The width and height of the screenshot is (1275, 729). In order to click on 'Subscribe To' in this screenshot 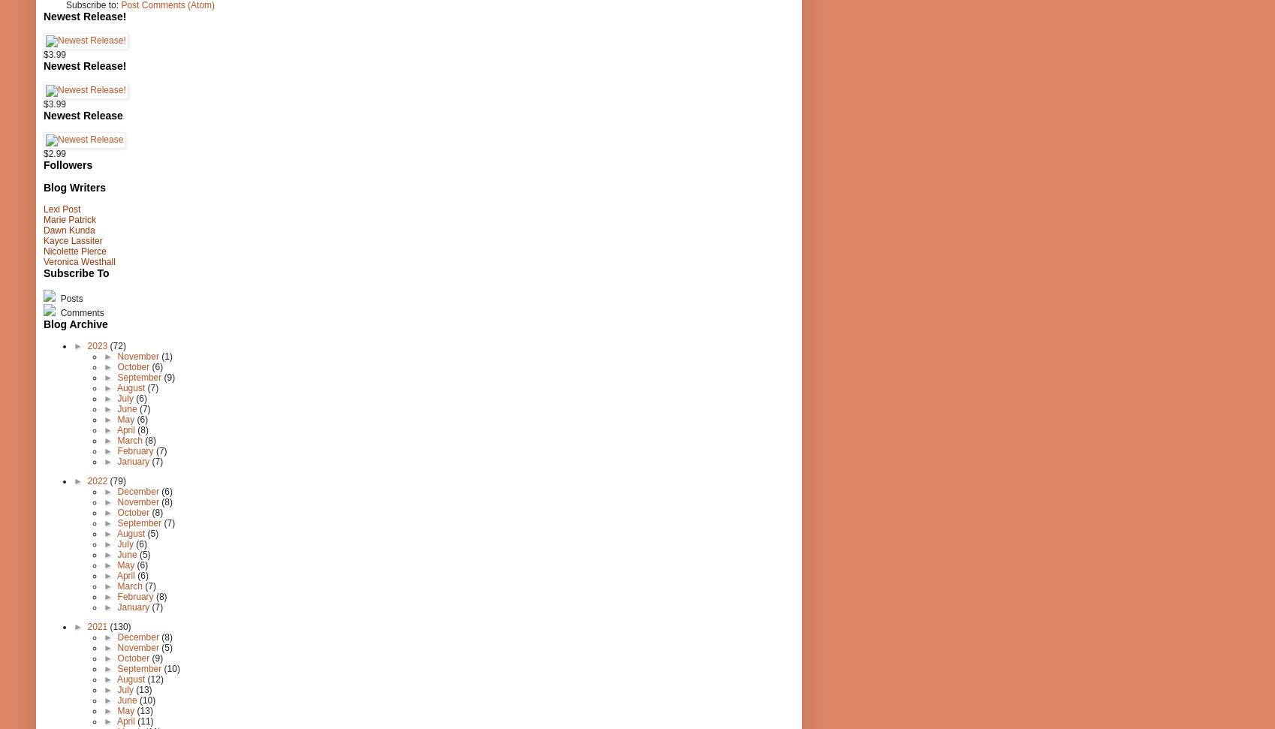, I will do `click(75, 273)`.